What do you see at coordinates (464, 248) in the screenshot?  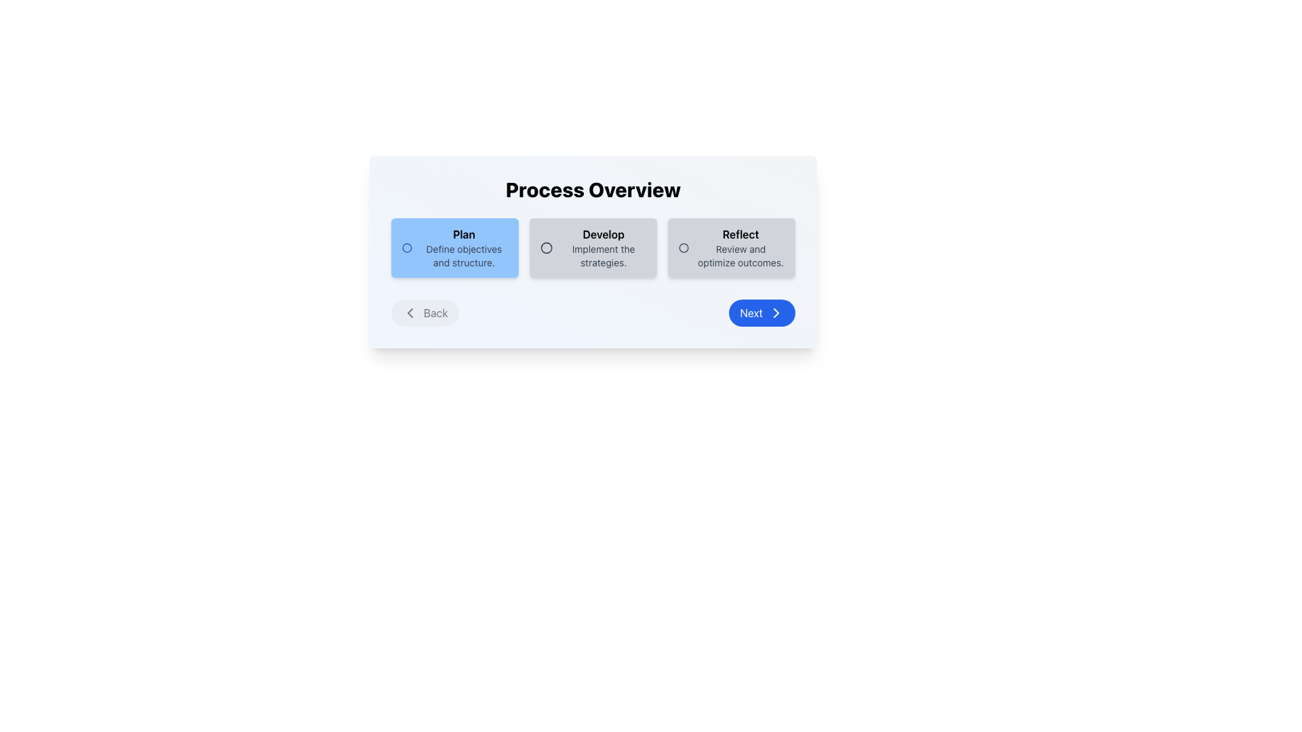 I see `the Text Block containing the word 'Plan' in bold, which is centrally located in the first column of a three-column layout` at bounding box center [464, 248].